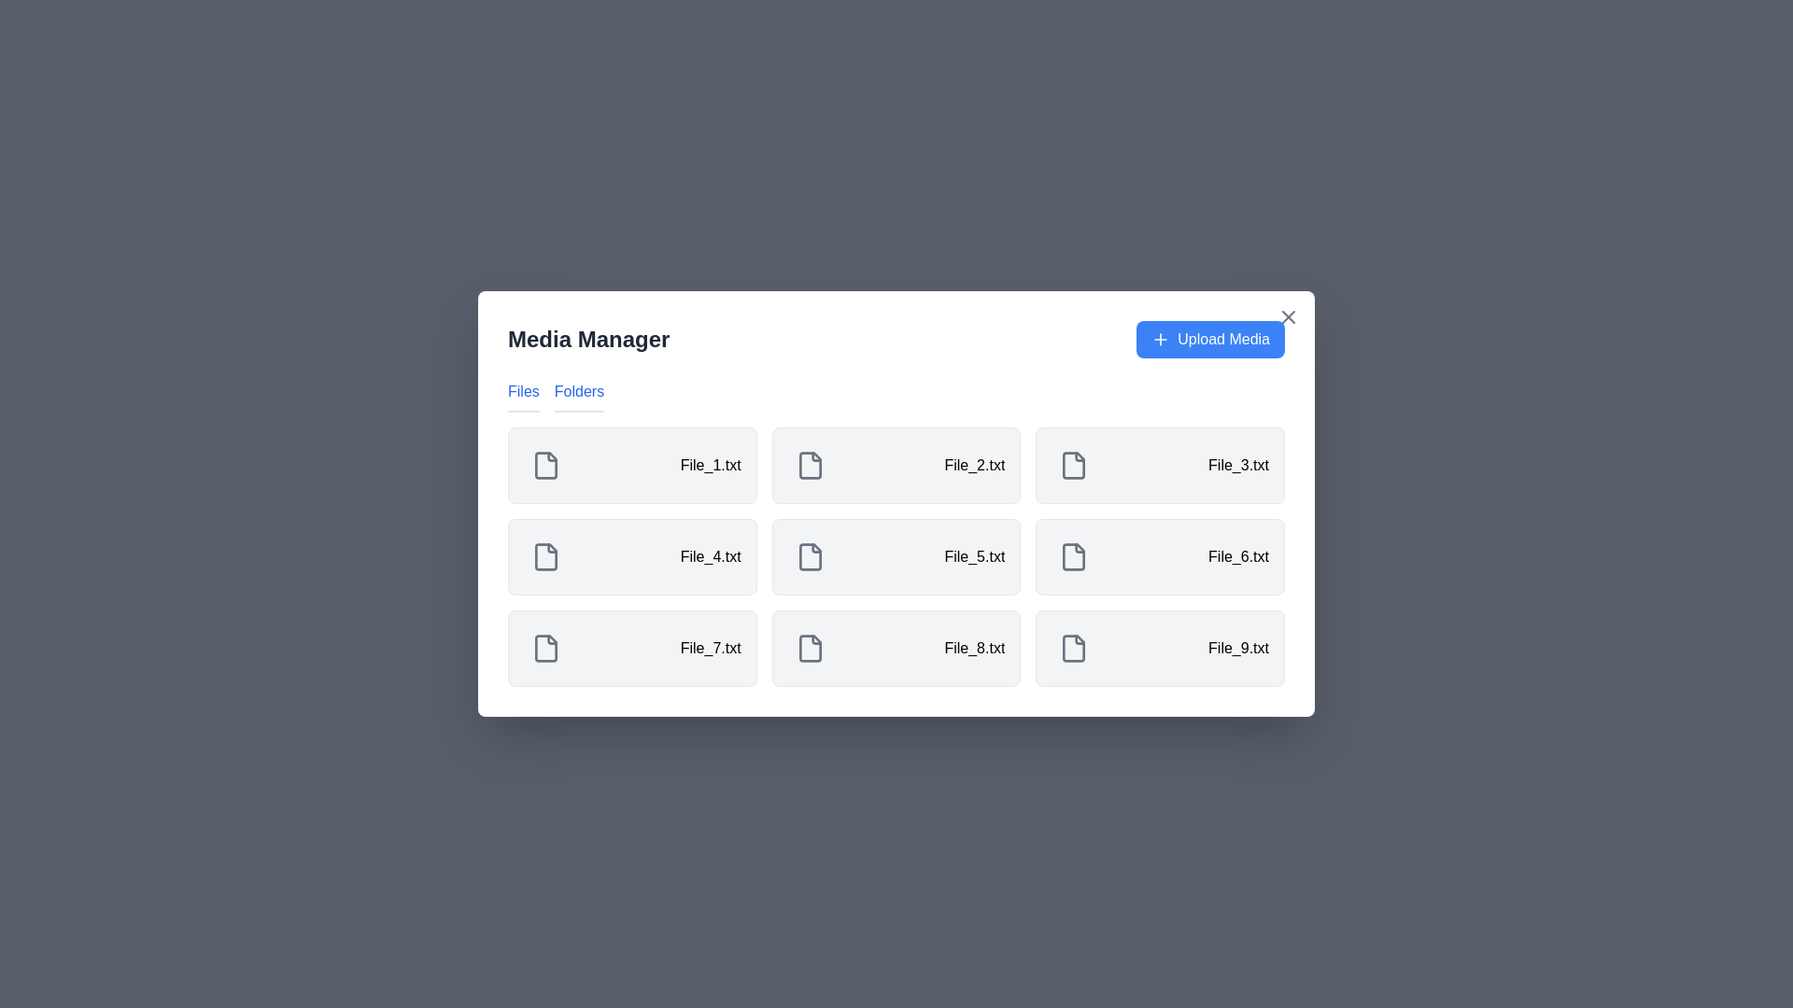  What do you see at coordinates (1074, 556) in the screenshot?
I see `the rectangular icon resembling a document or file in the Media Manager interface, located in the third row and second column of the grid` at bounding box center [1074, 556].